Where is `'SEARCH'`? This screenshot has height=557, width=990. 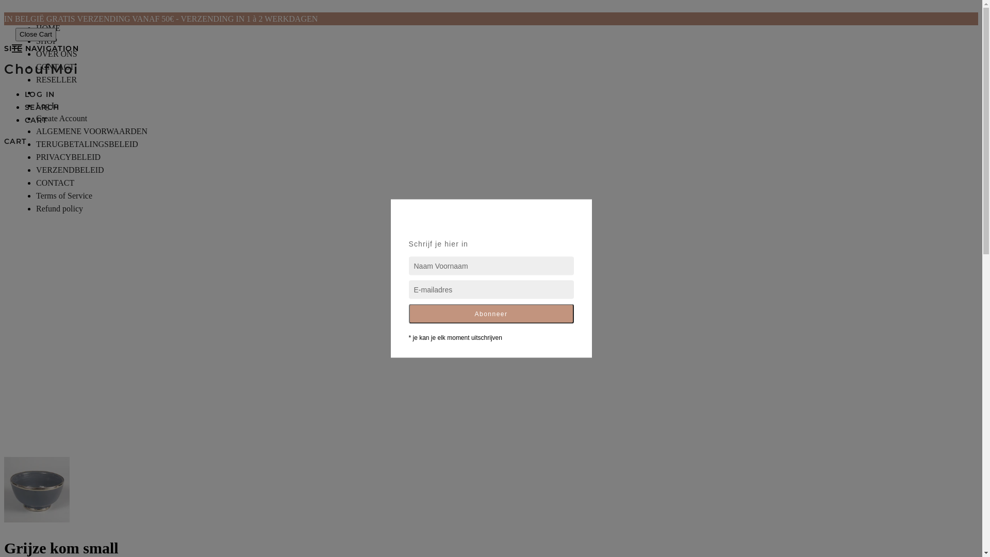 'SEARCH' is located at coordinates (41, 107).